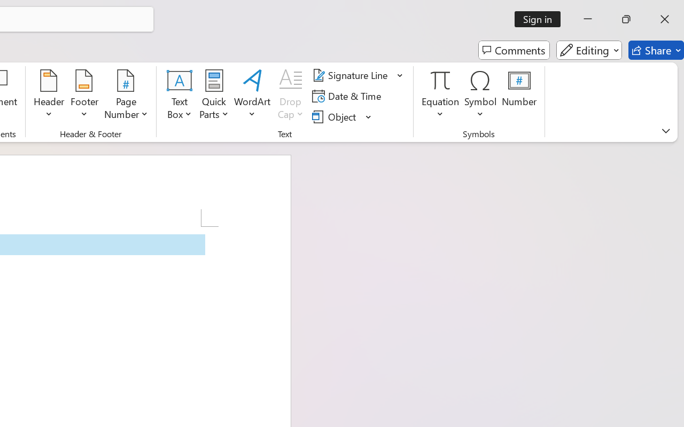  I want to click on 'Footer', so click(84, 96).